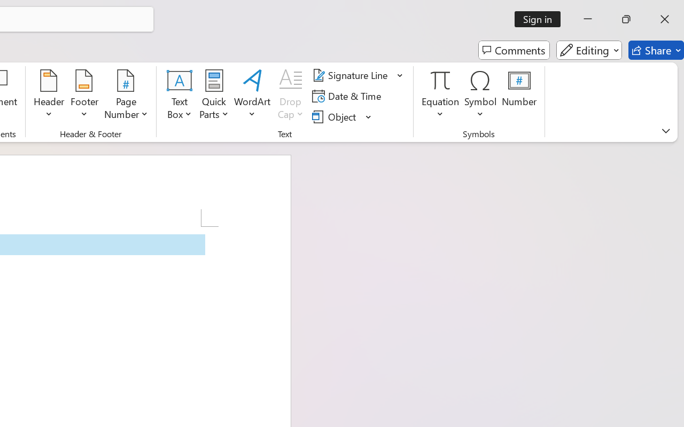  I want to click on 'Footer', so click(84, 96).